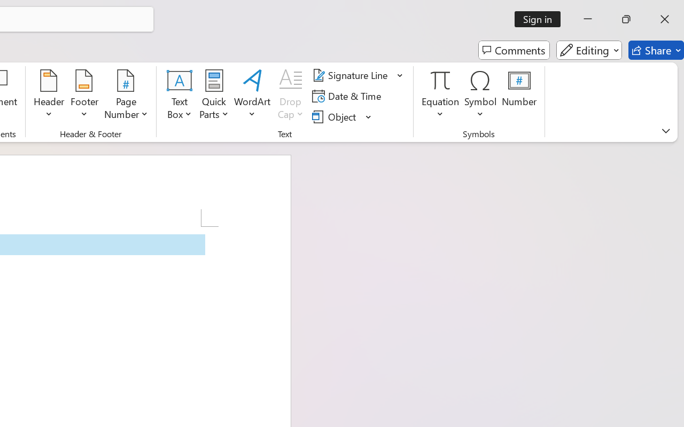  I want to click on 'Footer', so click(84, 96).